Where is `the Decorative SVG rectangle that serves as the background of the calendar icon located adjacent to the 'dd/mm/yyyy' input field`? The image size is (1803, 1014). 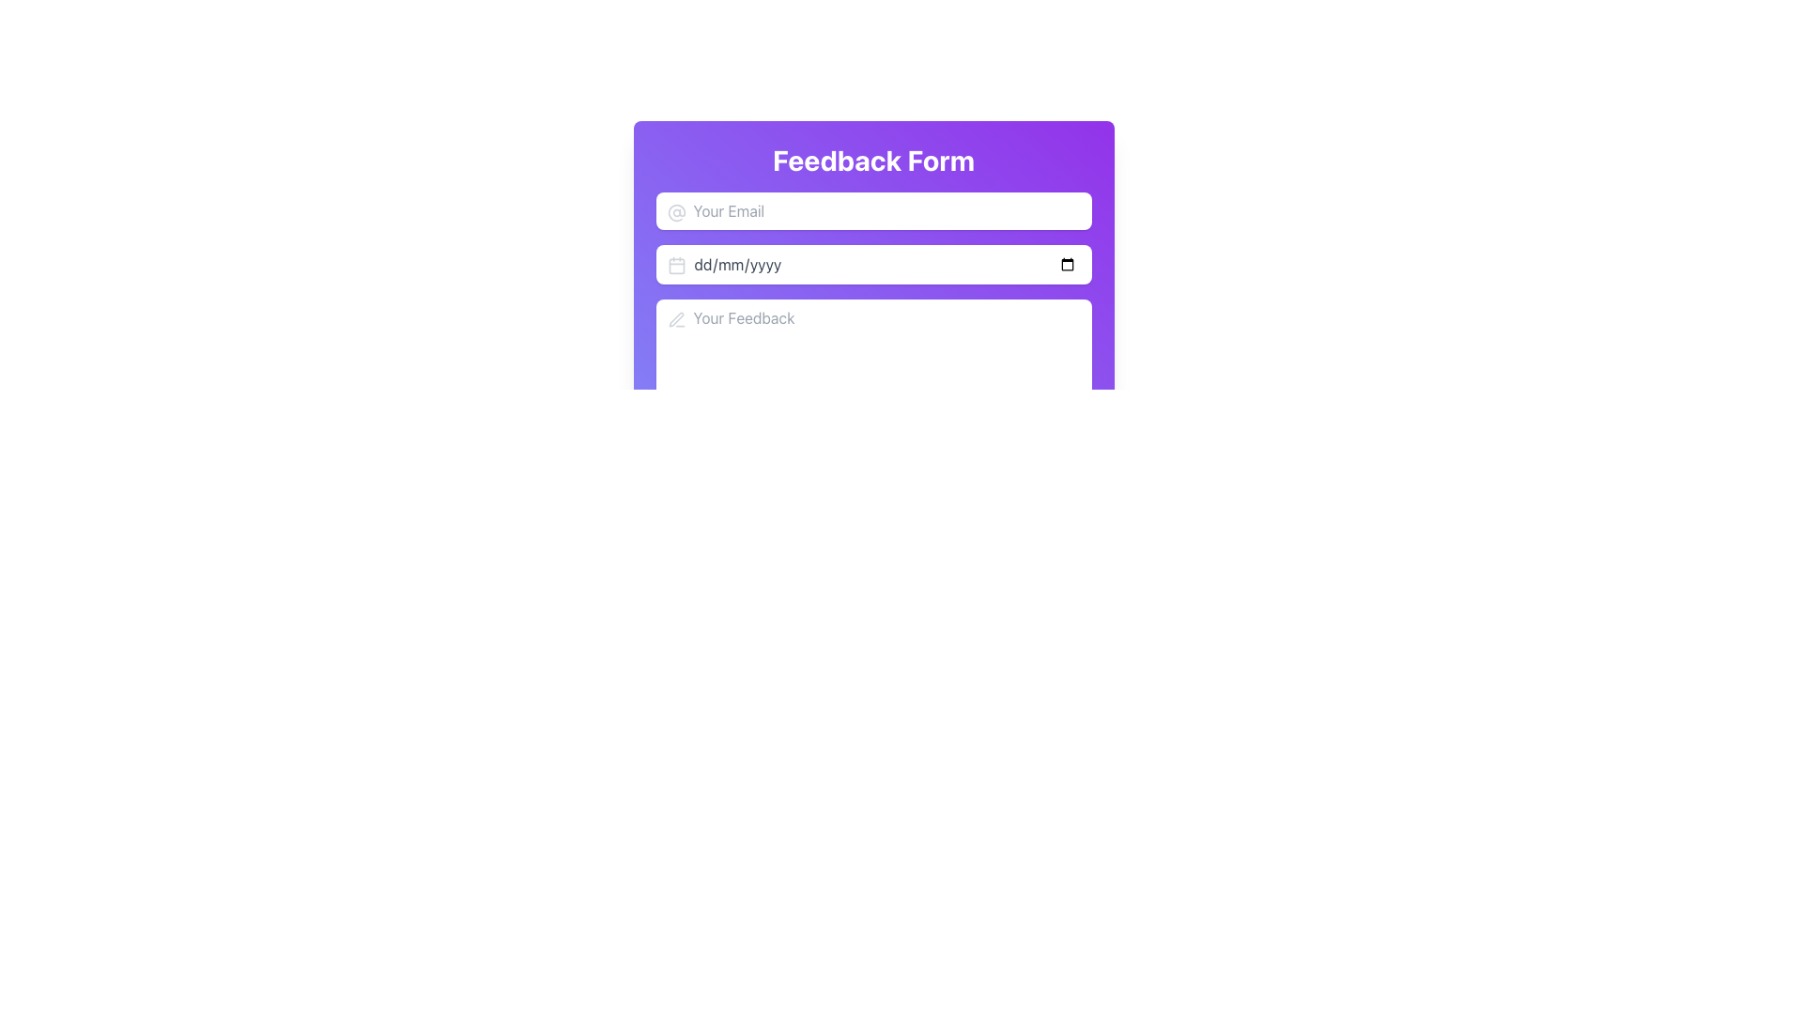 the Decorative SVG rectangle that serves as the background of the calendar icon located adjacent to the 'dd/mm/yyyy' input field is located at coordinates (676, 266).